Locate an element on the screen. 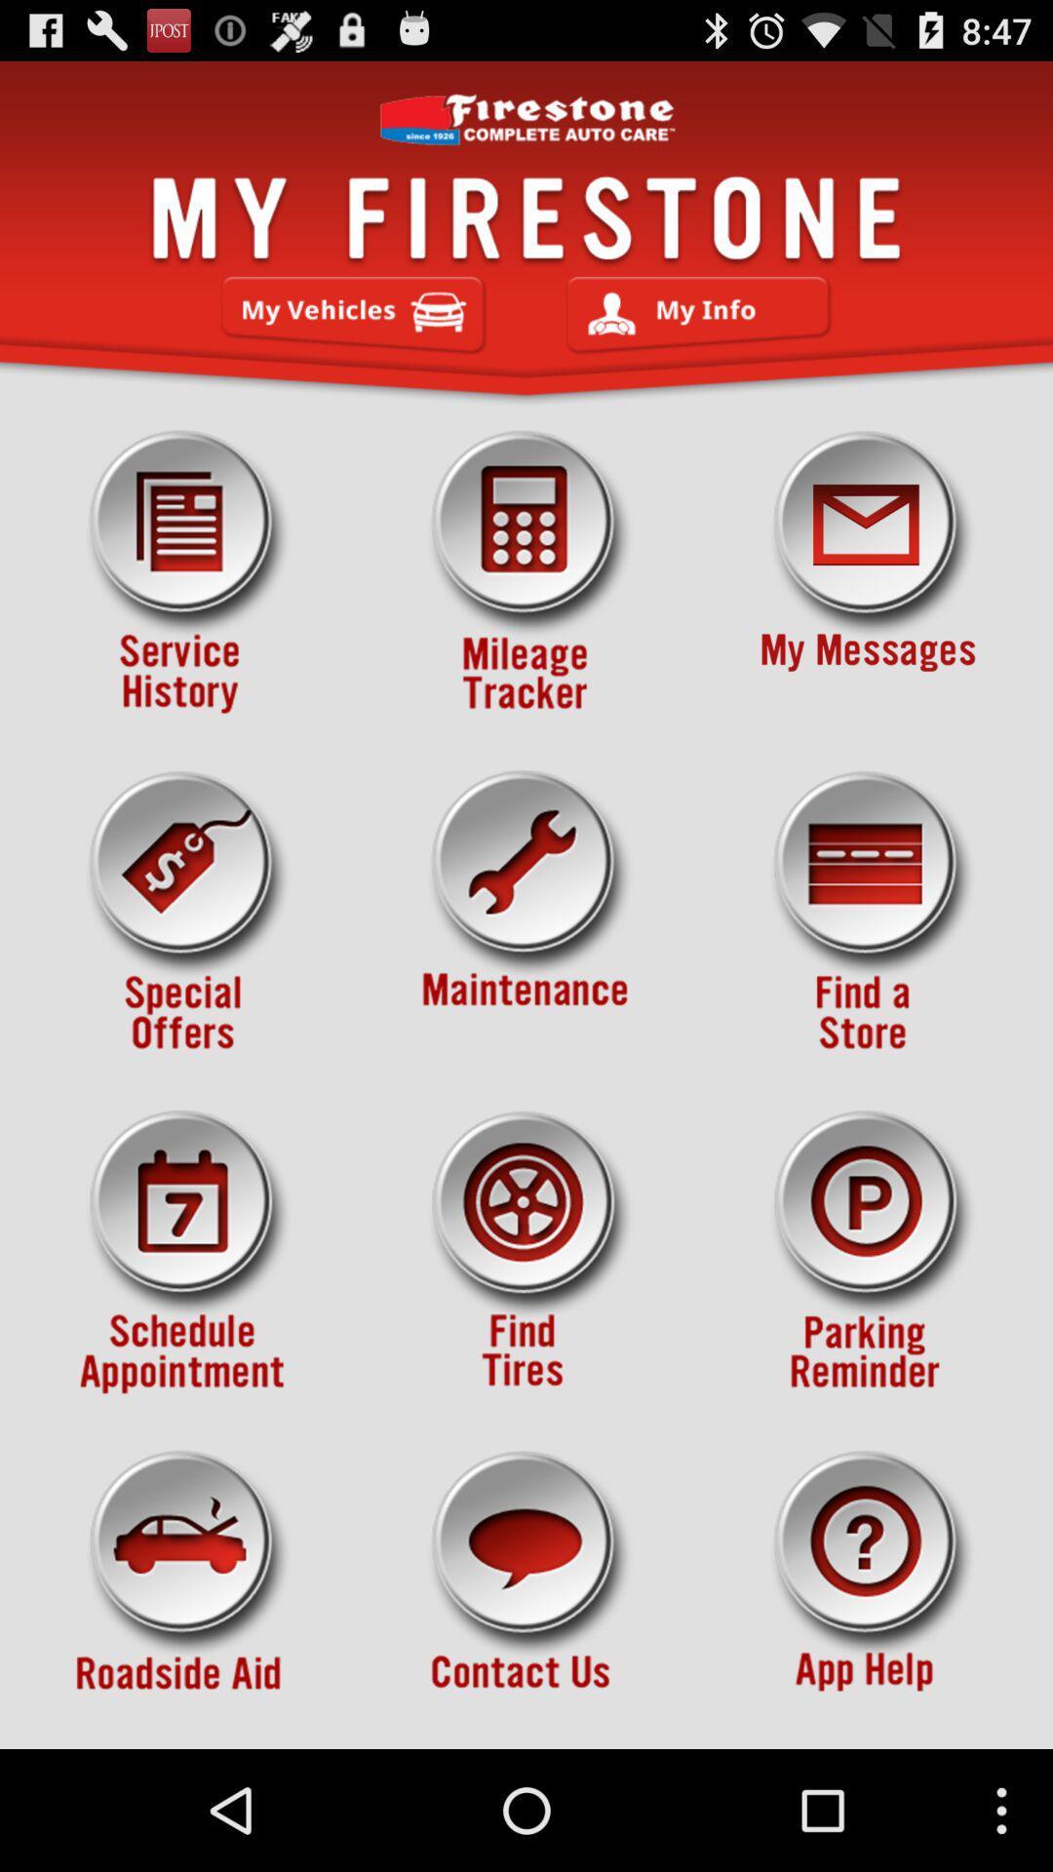 The width and height of the screenshot is (1053, 1872). show my cars is located at coordinates (353, 315).